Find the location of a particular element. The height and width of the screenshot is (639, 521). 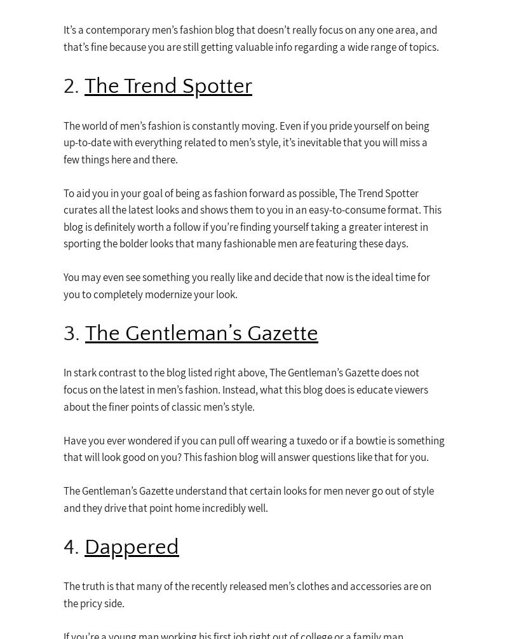

'Dappered' is located at coordinates (131, 546).